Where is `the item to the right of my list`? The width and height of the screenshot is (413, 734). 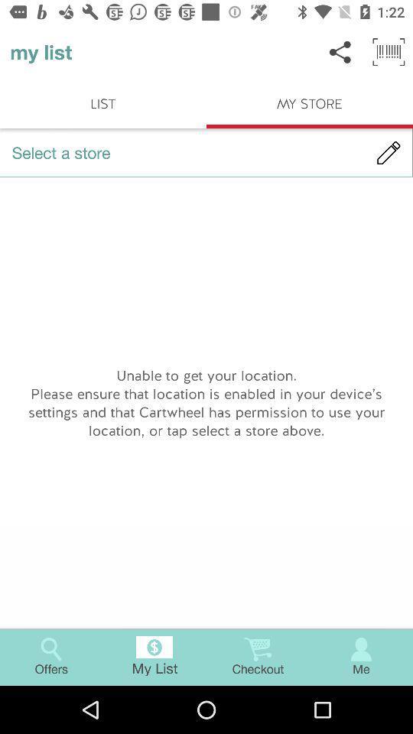
the item to the right of my list is located at coordinates (340, 52).